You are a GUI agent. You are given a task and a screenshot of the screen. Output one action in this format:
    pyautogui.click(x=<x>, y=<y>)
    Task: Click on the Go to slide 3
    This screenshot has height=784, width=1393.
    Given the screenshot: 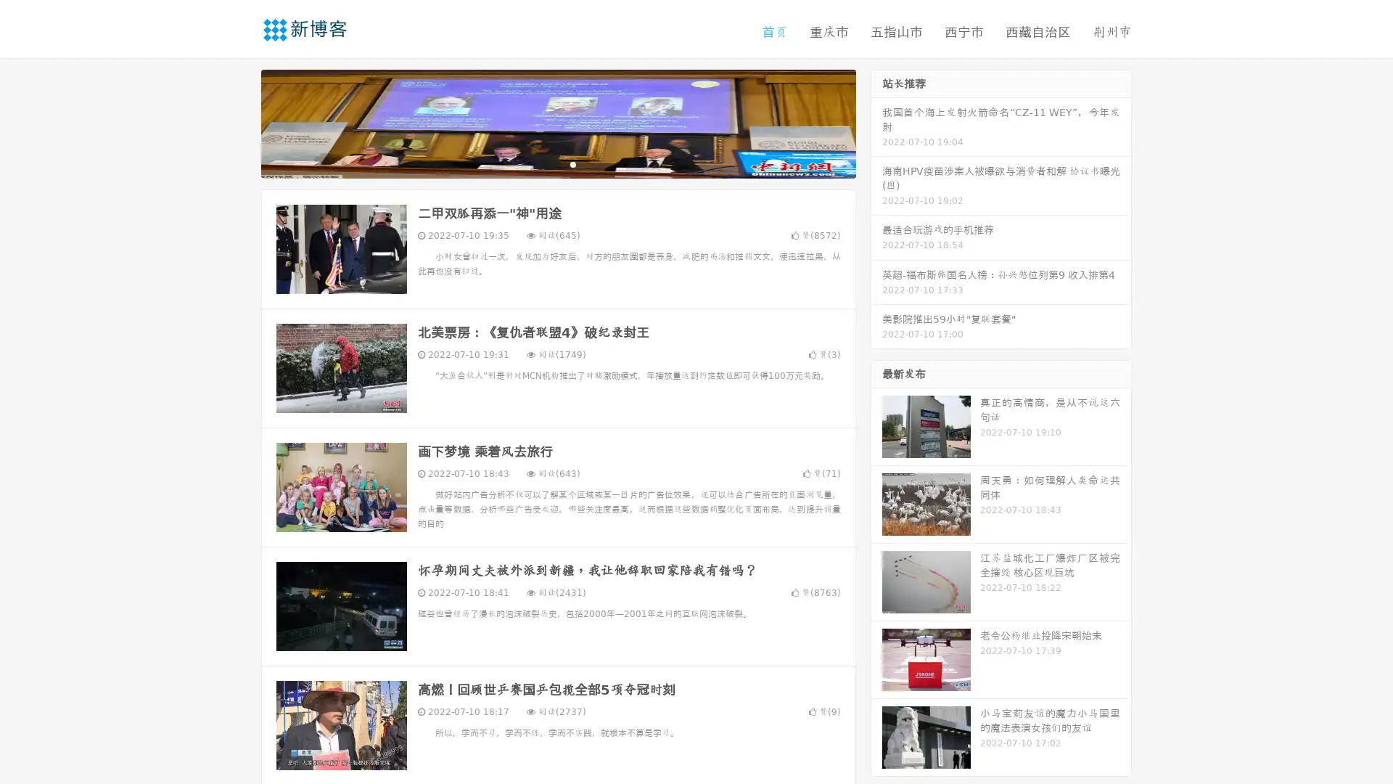 What is the action you would take?
    pyautogui.click(x=572, y=163)
    